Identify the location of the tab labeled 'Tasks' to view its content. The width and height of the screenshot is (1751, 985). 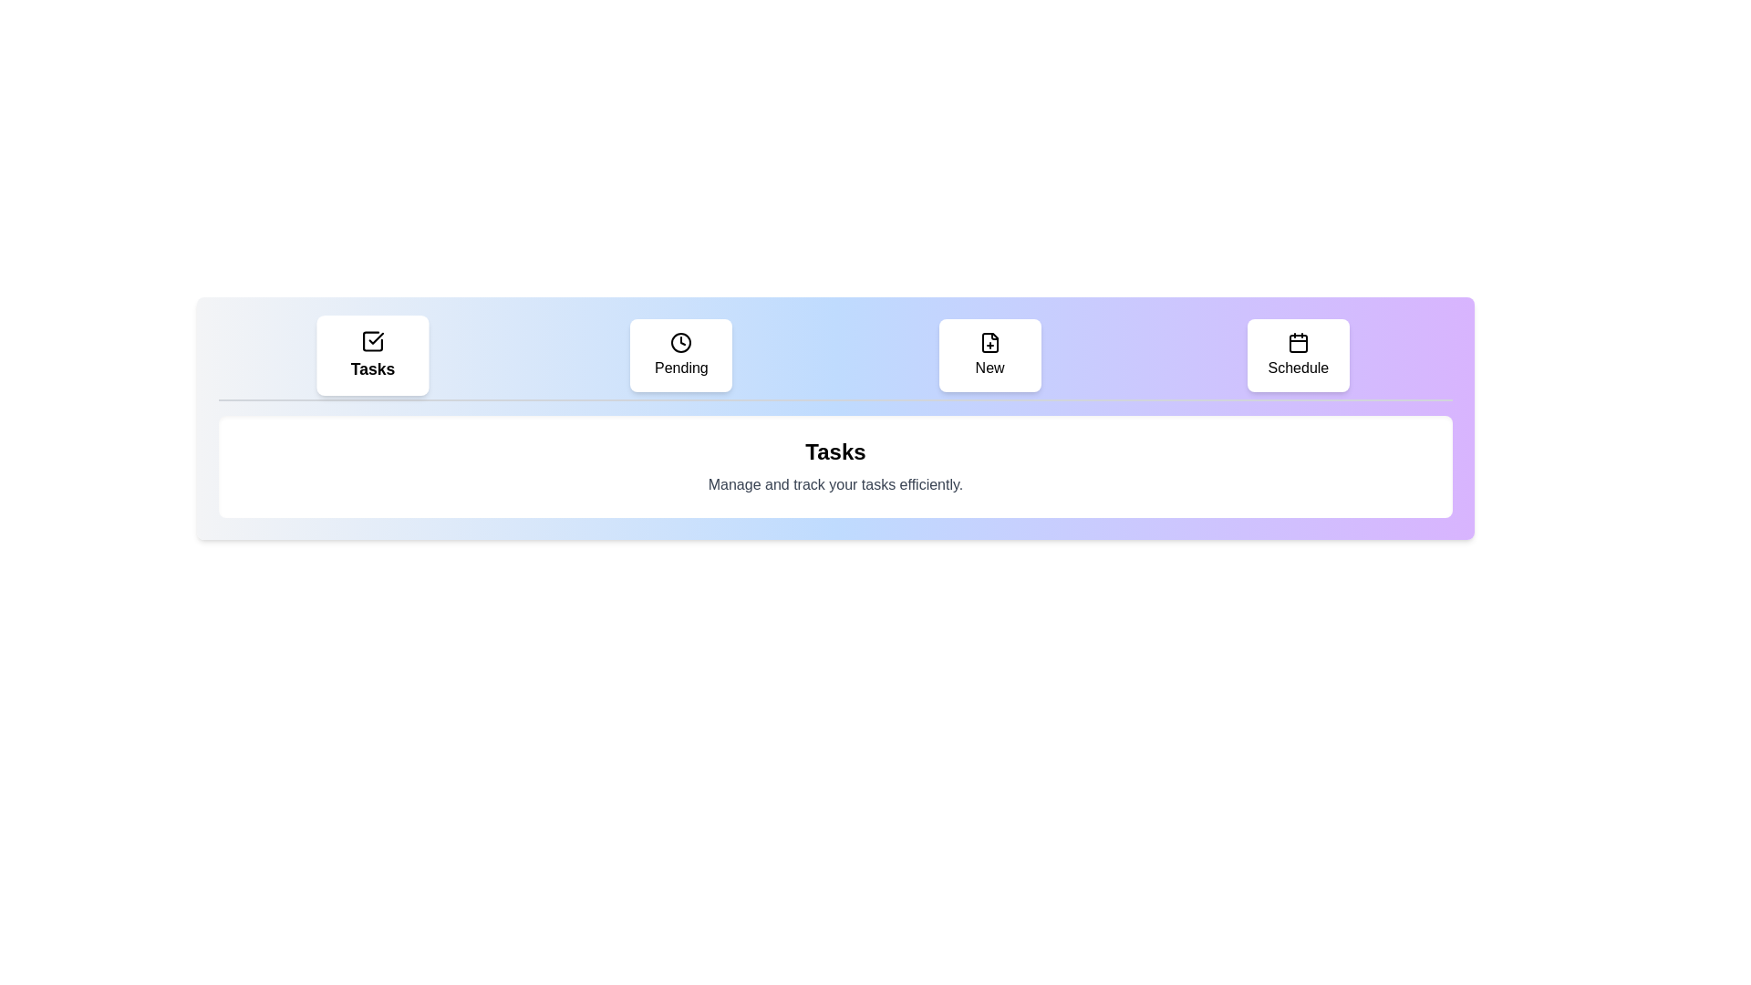
(372, 355).